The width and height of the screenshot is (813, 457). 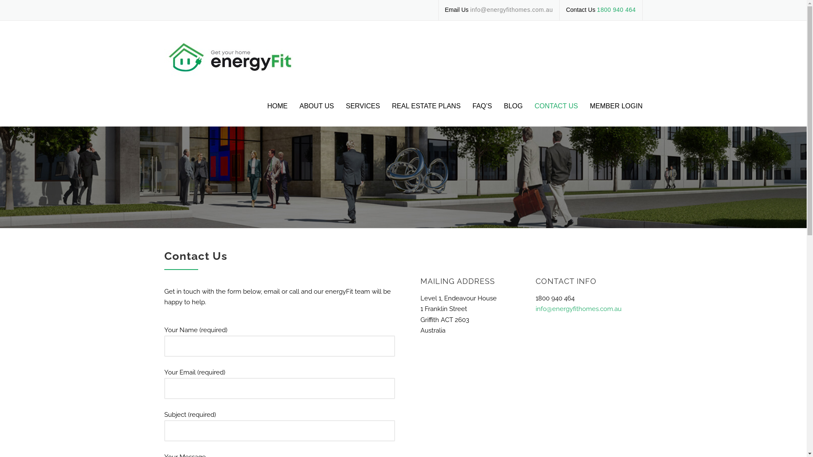 I want to click on 'HOME', so click(x=277, y=113).